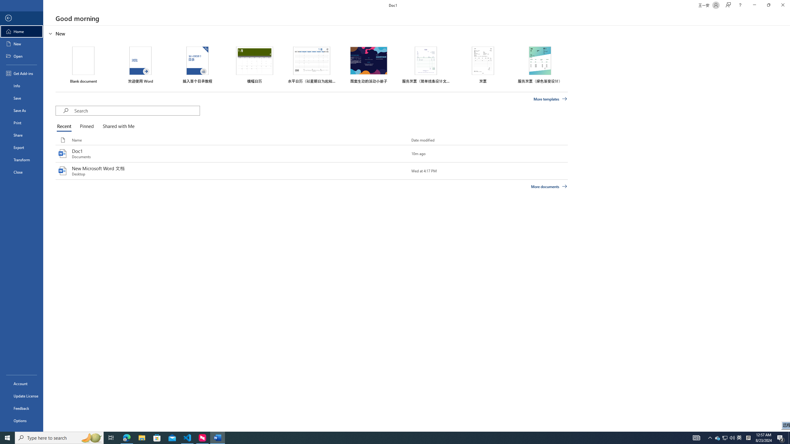 This screenshot has width=790, height=444. What do you see at coordinates (21, 147) in the screenshot?
I see `'Export'` at bounding box center [21, 147].